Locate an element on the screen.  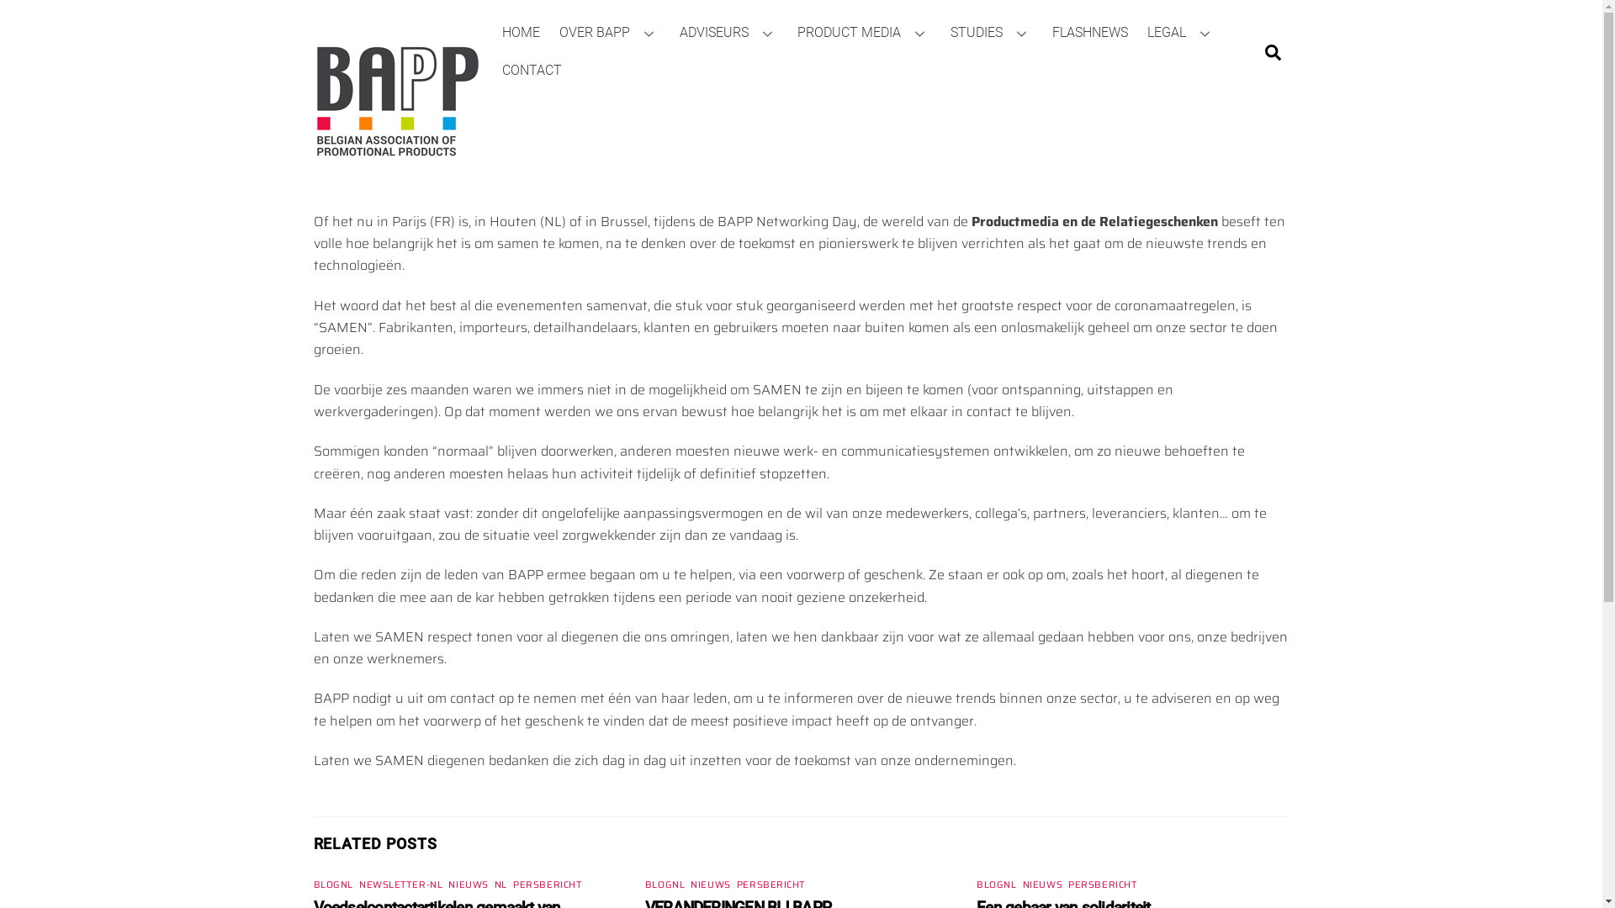
'OVER BAPP' is located at coordinates (609, 32).